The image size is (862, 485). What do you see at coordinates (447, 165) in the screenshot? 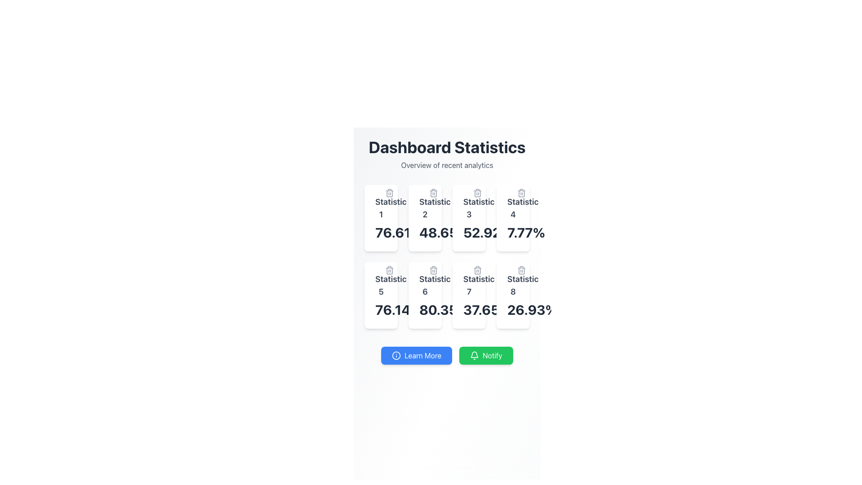
I see `the text label displaying 'Overview of recent analytics', which is centrally aligned below the title 'Dashboard Statistics'` at bounding box center [447, 165].